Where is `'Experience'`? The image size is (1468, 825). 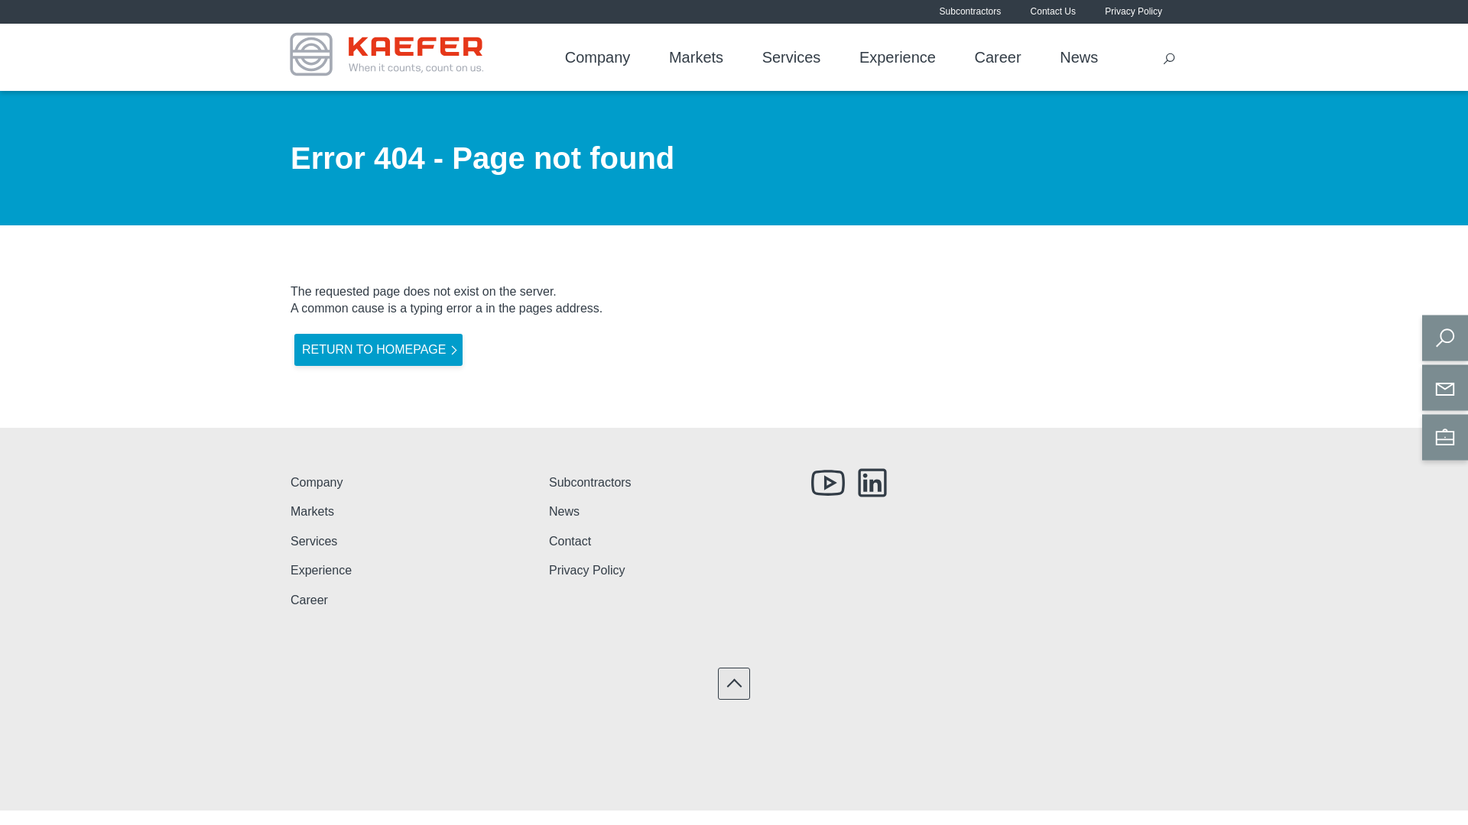 'Experience' is located at coordinates (290, 571).